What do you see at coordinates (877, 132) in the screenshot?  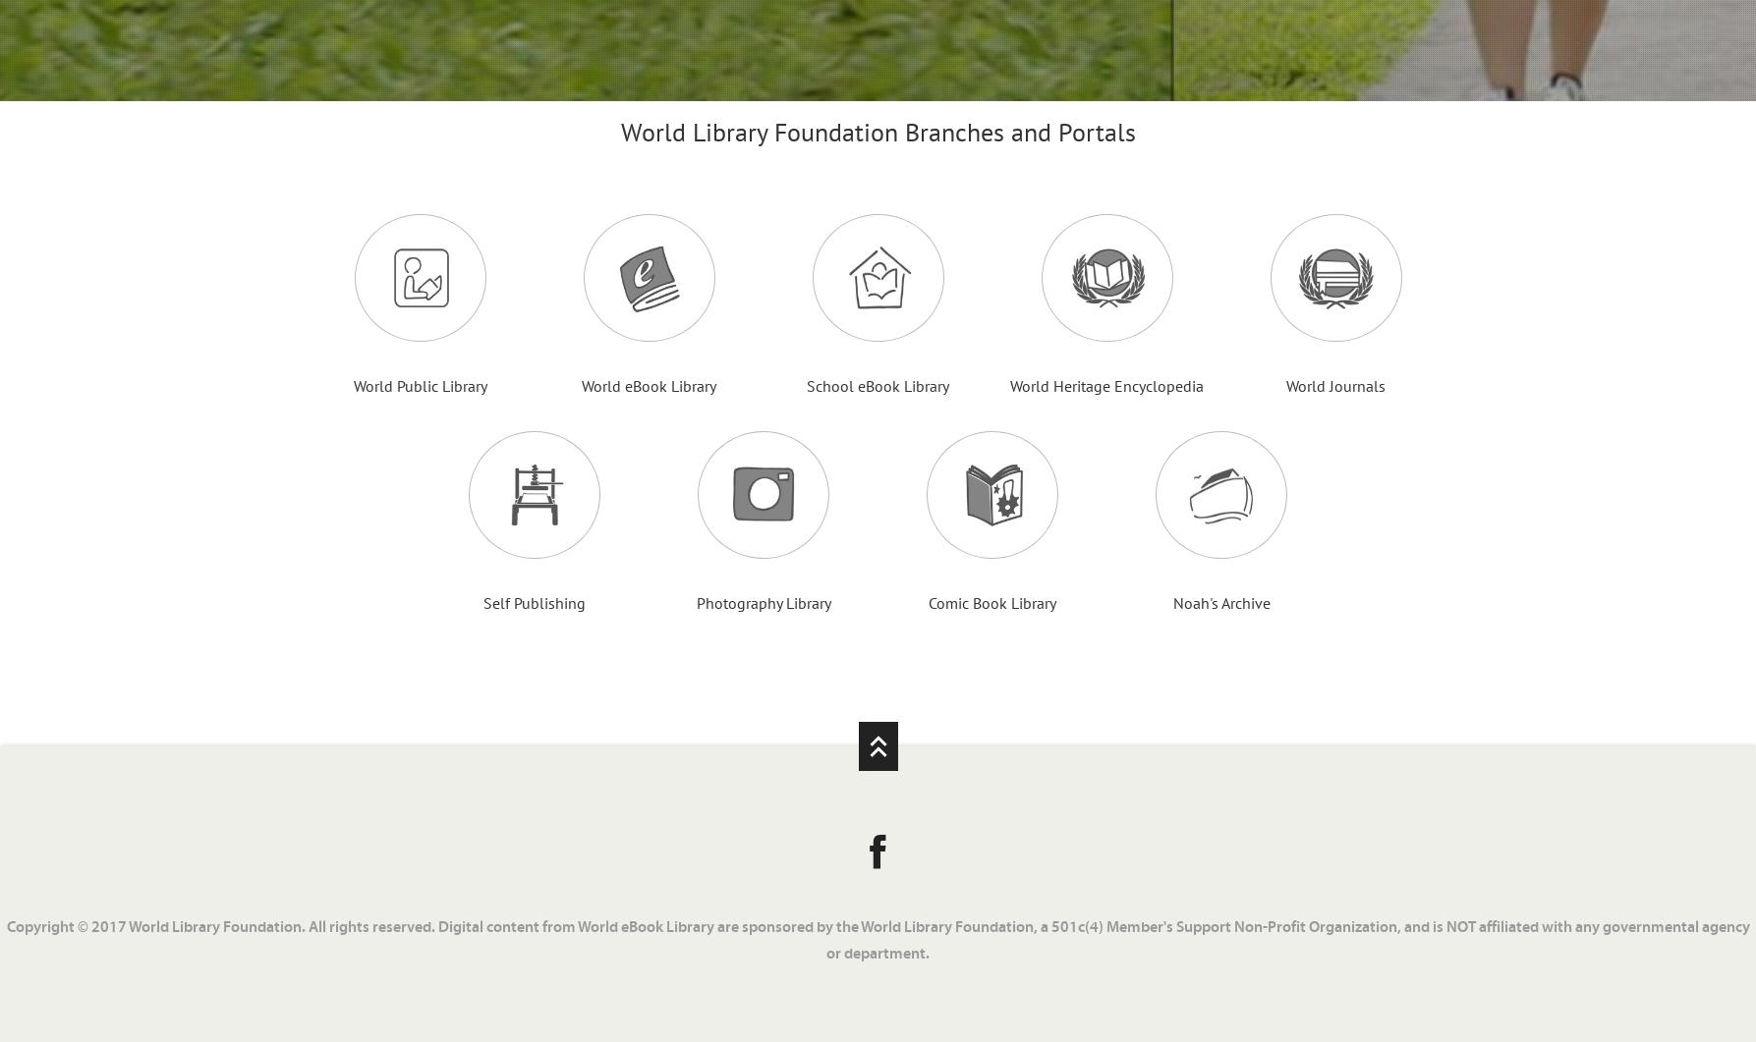 I see `'World Library Foundation Branches and Portals'` at bounding box center [877, 132].